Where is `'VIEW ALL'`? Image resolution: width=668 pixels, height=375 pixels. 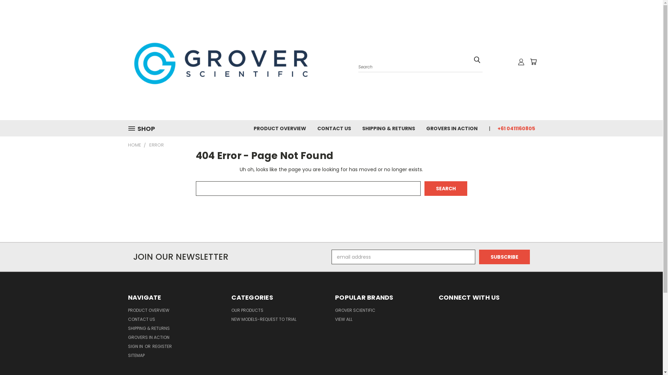 'VIEW ALL' is located at coordinates (344, 320).